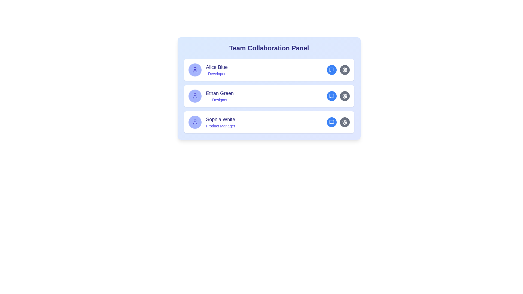 Image resolution: width=523 pixels, height=294 pixels. Describe the element at coordinates (345, 70) in the screenshot. I see `the second button in the topmost user section of the team collaboration panel to observe the hover effect` at that location.